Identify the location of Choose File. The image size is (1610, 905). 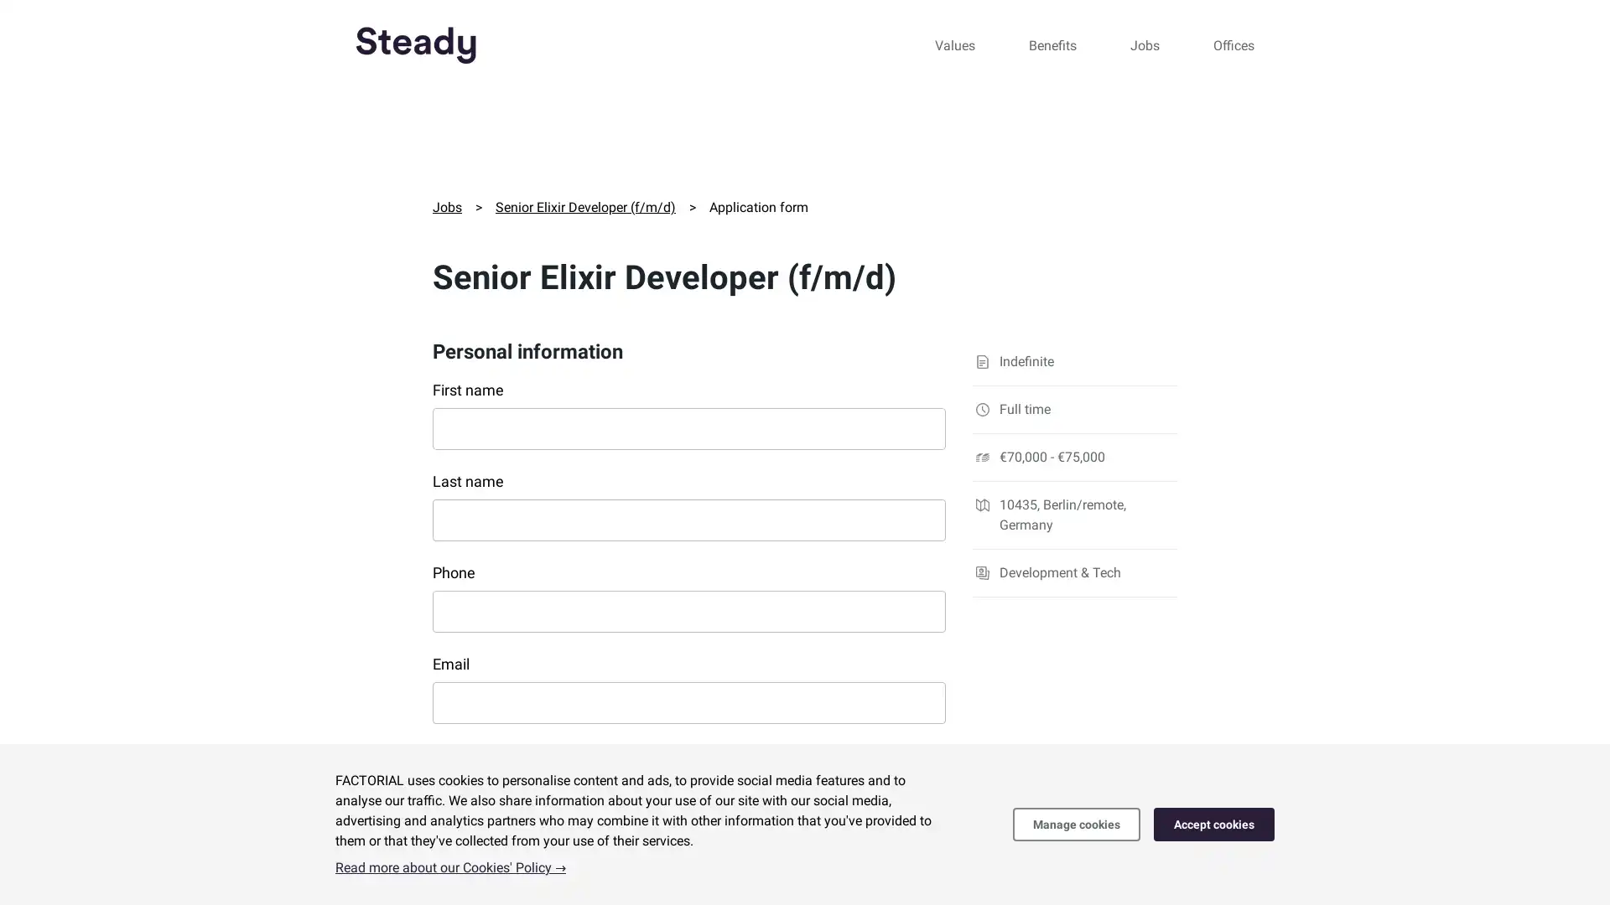
(483, 847).